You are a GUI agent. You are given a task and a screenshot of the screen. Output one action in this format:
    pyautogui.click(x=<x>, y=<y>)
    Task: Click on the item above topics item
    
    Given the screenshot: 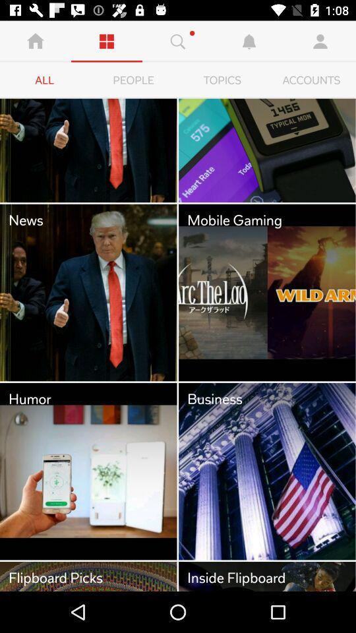 What is the action you would take?
    pyautogui.click(x=249, y=41)
    